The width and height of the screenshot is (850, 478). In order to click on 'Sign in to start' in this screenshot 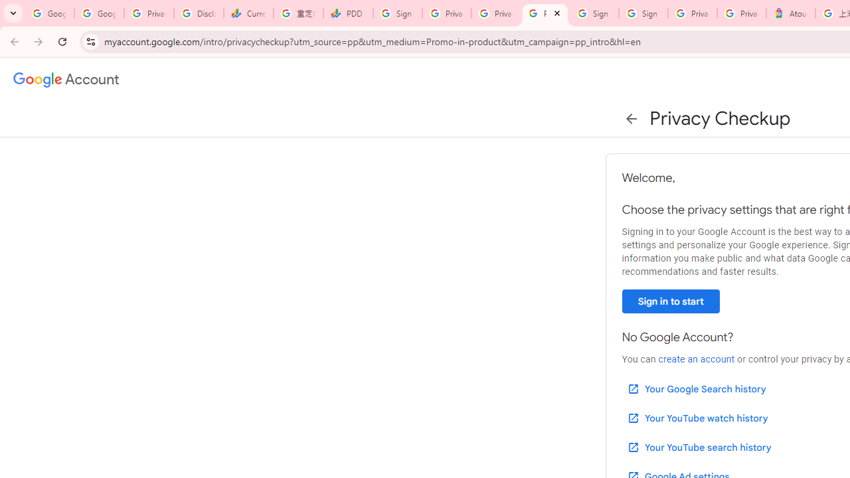, I will do `click(670, 301)`.